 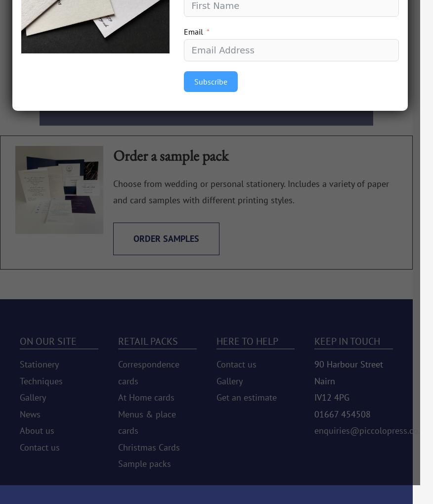 What do you see at coordinates (147, 340) in the screenshot?
I see `'Retail packs'` at bounding box center [147, 340].